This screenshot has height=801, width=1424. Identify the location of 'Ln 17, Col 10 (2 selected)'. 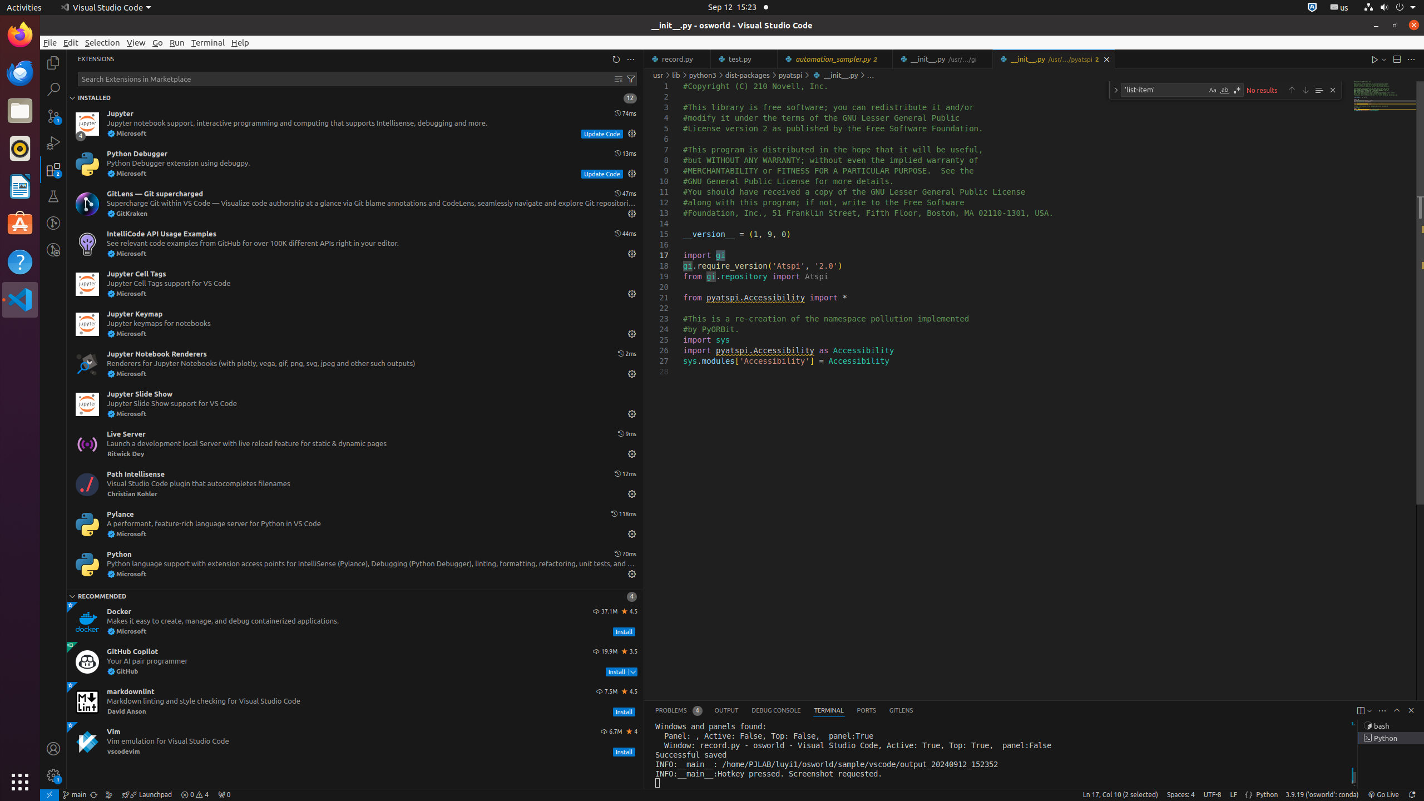
(1120, 794).